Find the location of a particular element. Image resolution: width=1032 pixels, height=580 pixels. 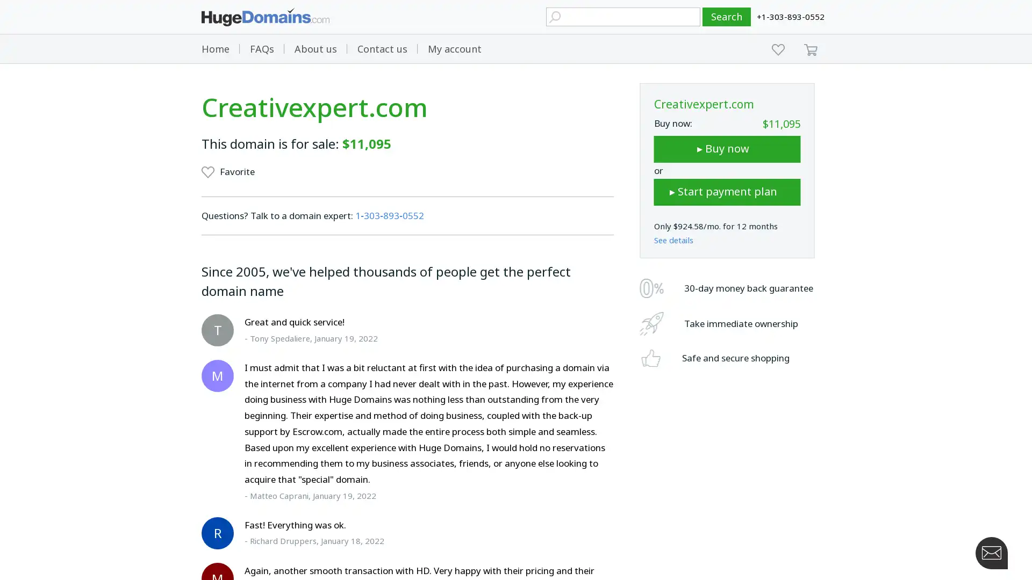

Search is located at coordinates (727, 17).